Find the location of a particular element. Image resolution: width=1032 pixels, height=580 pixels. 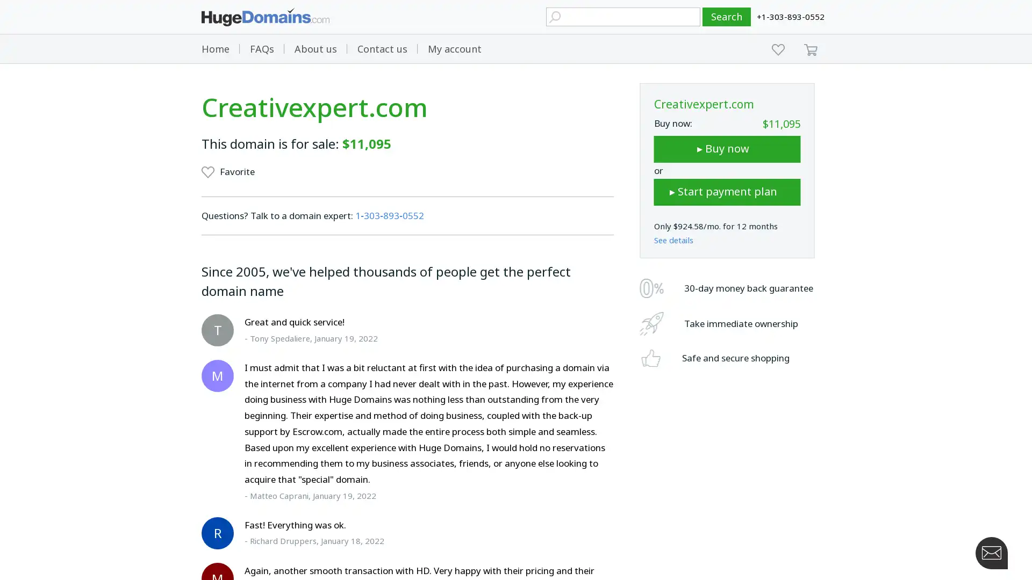

Search is located at coordinates (727, 17).